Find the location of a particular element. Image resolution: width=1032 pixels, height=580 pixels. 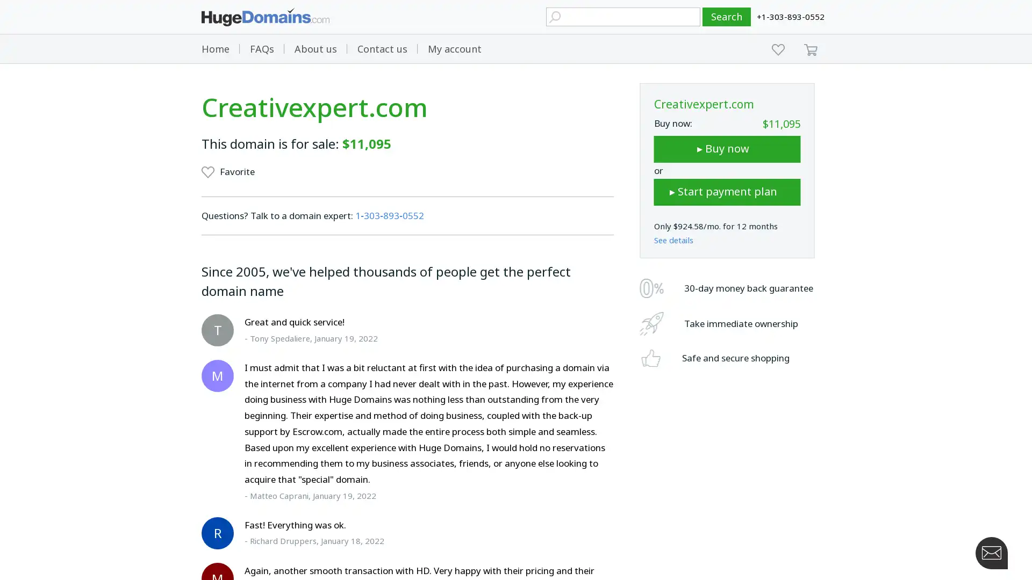

Search is located at coordinates (727, 17).